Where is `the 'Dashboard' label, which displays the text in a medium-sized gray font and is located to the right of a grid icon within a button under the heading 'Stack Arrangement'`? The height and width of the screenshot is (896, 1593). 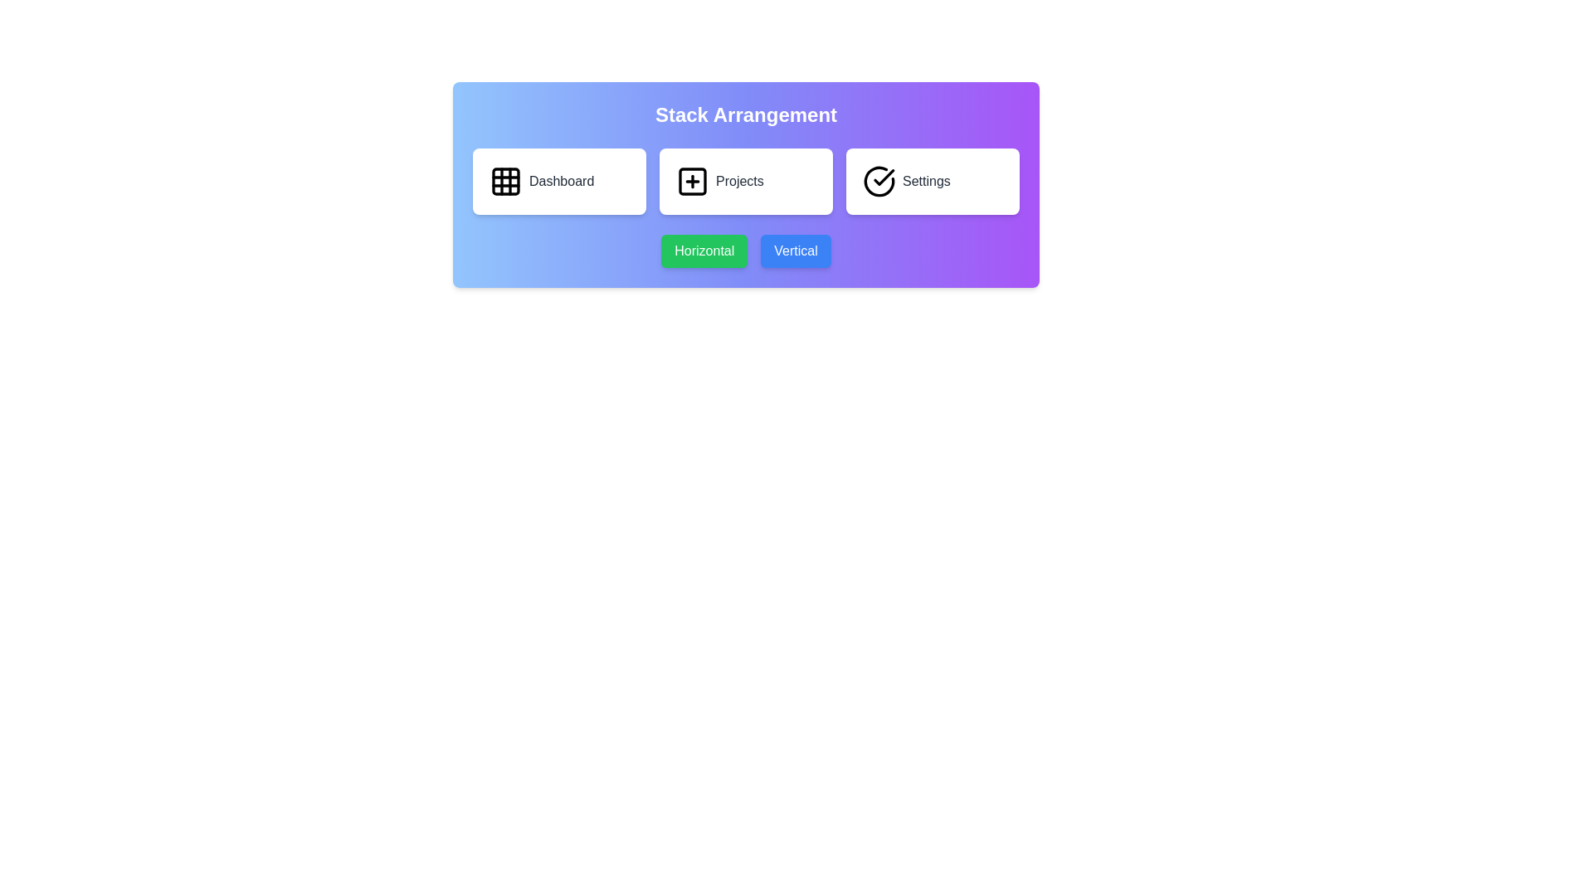 the 'Dashboard' label, which displays the text in a medium-sized gray font and is located to the right of a grid icon within a button under the heading 'Stack Arrangement' is located at coordinates (562, 182).